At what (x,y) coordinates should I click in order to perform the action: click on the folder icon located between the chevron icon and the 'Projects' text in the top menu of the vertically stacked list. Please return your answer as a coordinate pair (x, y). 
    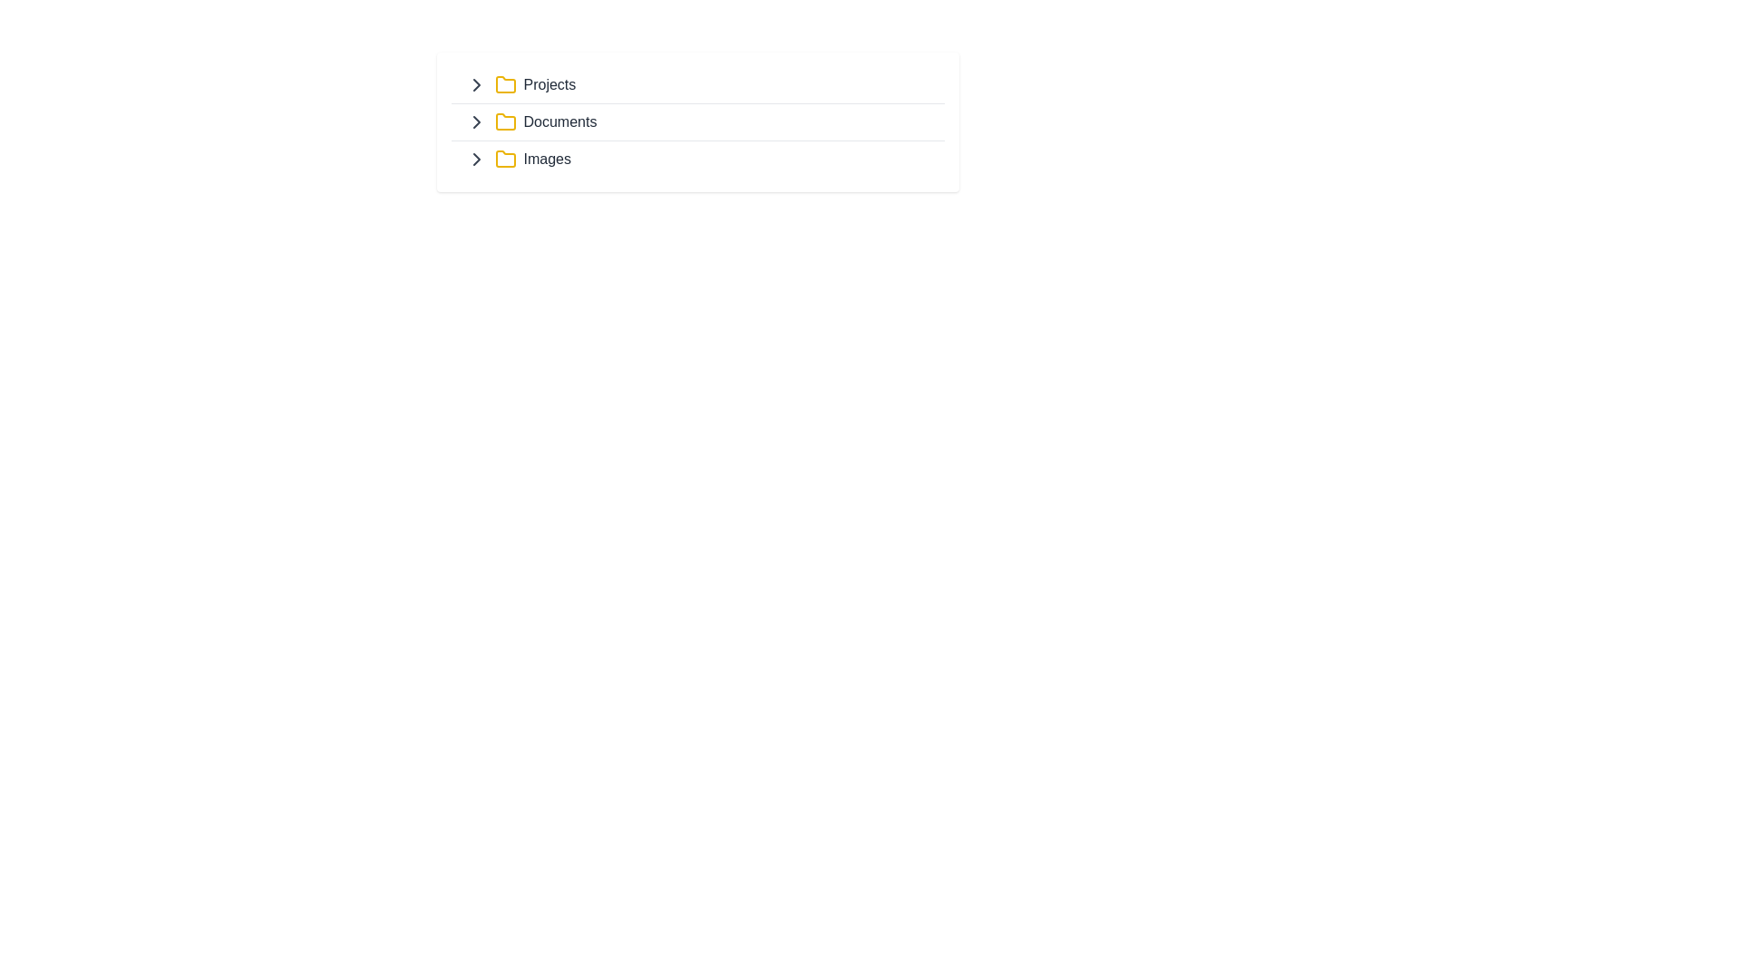
    Looking at the image, I should click on (505, 84).